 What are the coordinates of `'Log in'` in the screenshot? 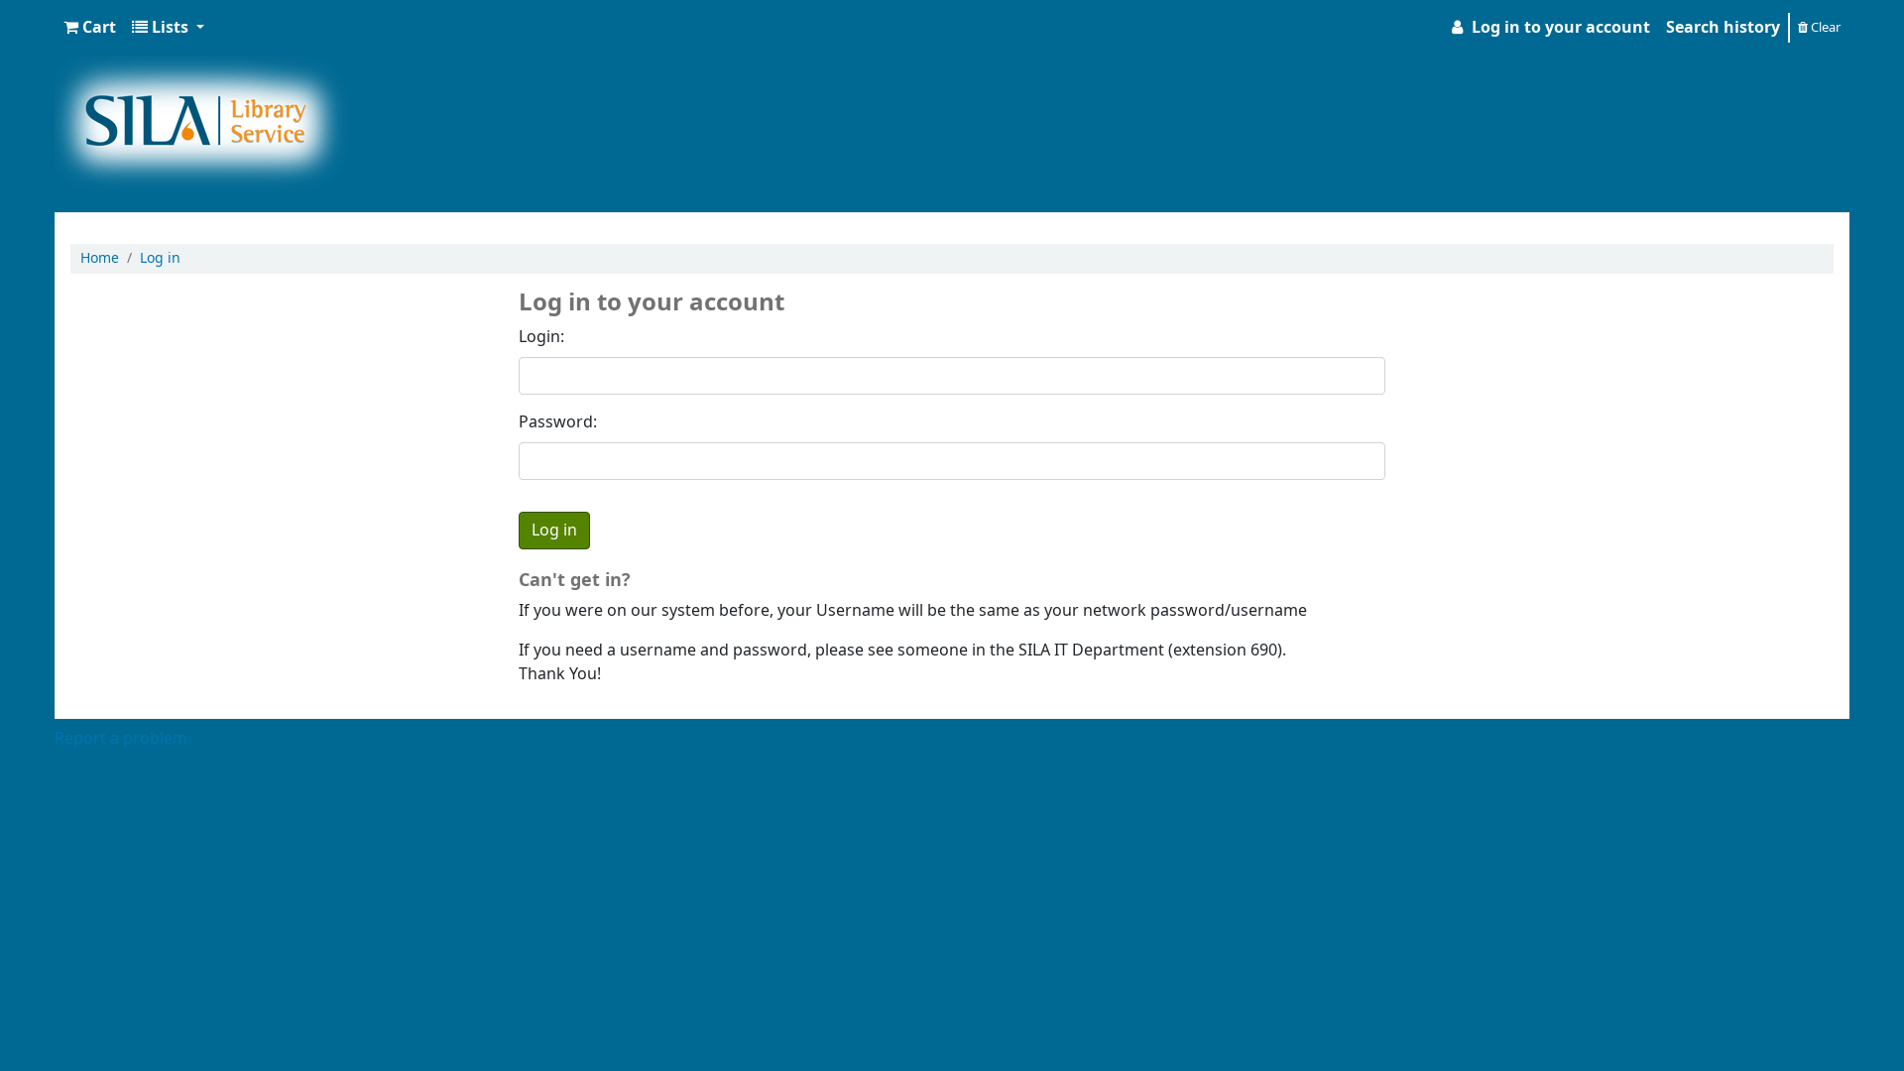 It's located at (160, 257).